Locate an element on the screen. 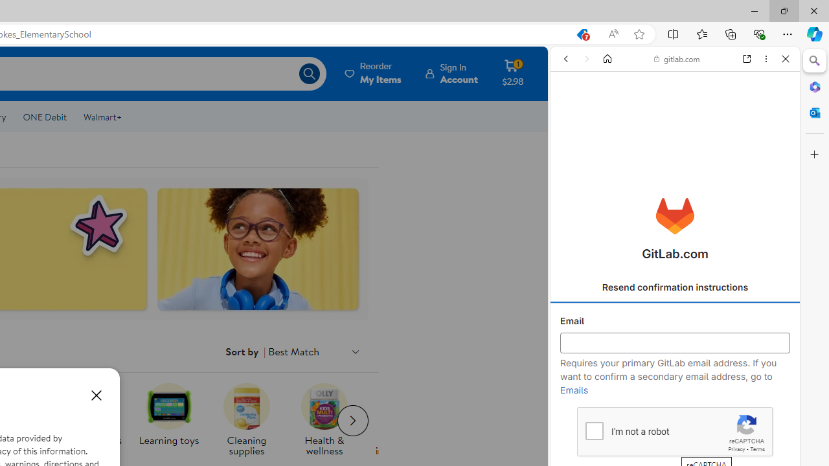  'Email' is located at coordinates (674, 342).